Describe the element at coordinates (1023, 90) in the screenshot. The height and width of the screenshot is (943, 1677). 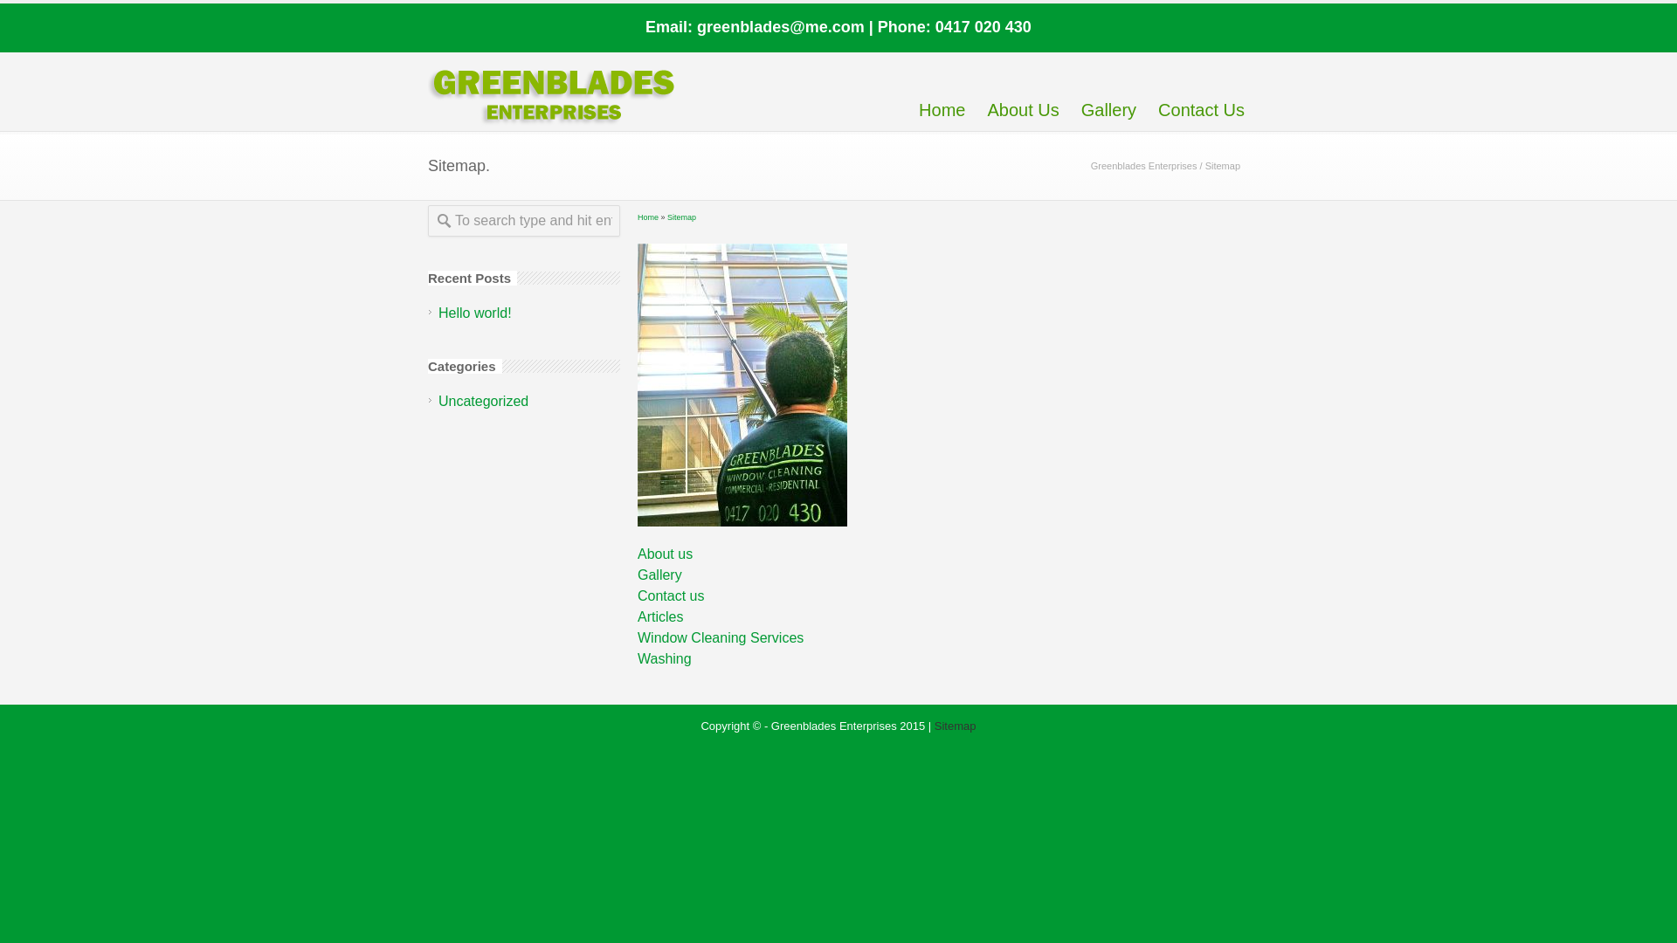
I see `'About Us'` at that location.